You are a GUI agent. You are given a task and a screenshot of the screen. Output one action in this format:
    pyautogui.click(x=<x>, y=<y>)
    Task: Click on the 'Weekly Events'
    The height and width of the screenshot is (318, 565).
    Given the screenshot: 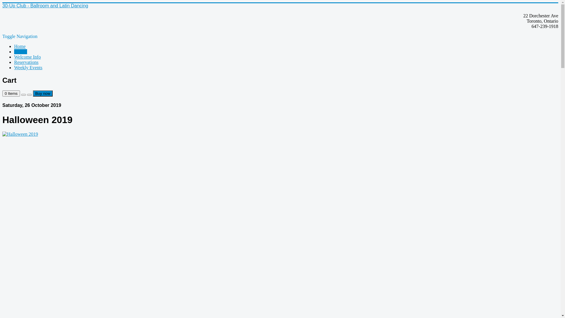 What is the action you would take?
    pyautogui.click(x=28, y=67)
    